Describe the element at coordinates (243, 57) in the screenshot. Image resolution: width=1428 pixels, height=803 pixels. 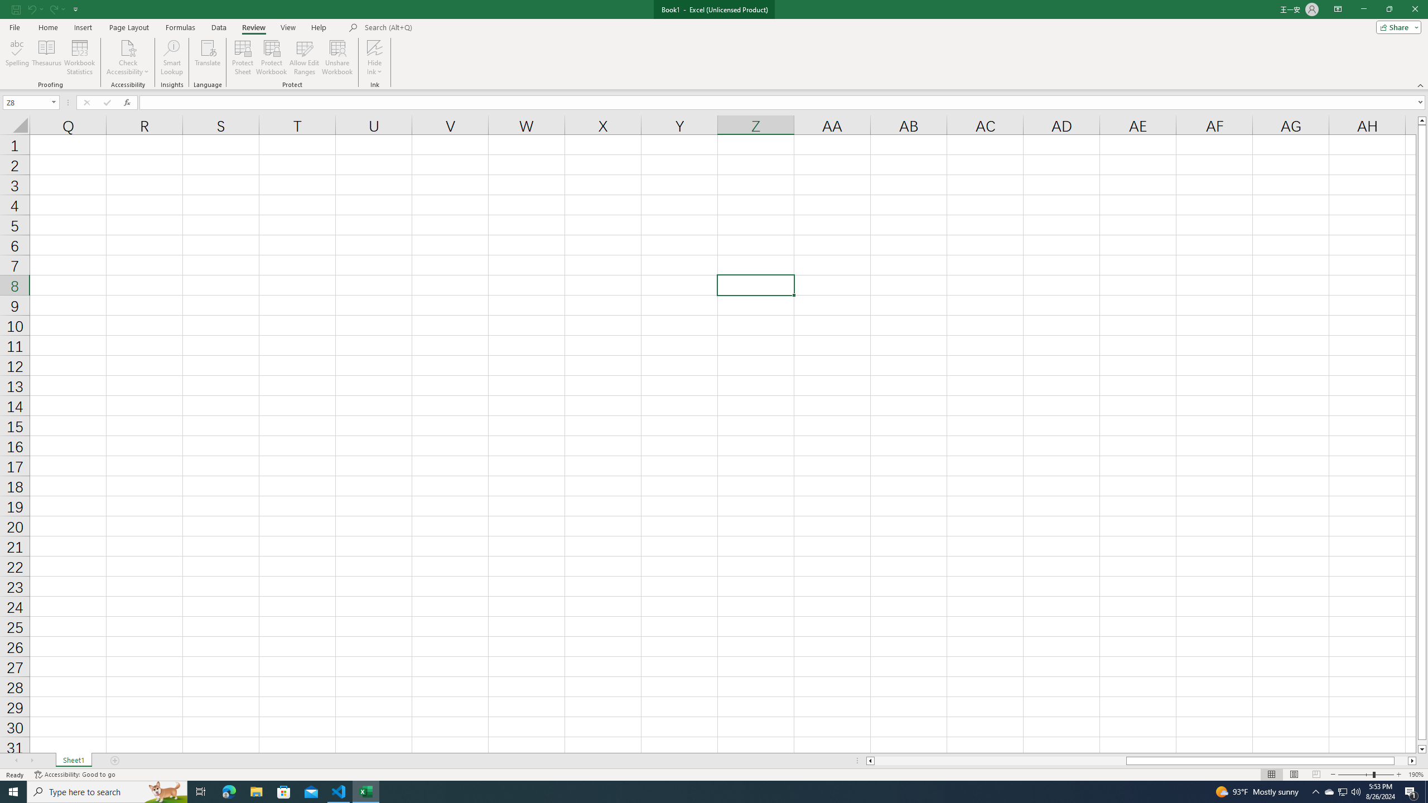
I see `'Protect Sheet...'` at that location.